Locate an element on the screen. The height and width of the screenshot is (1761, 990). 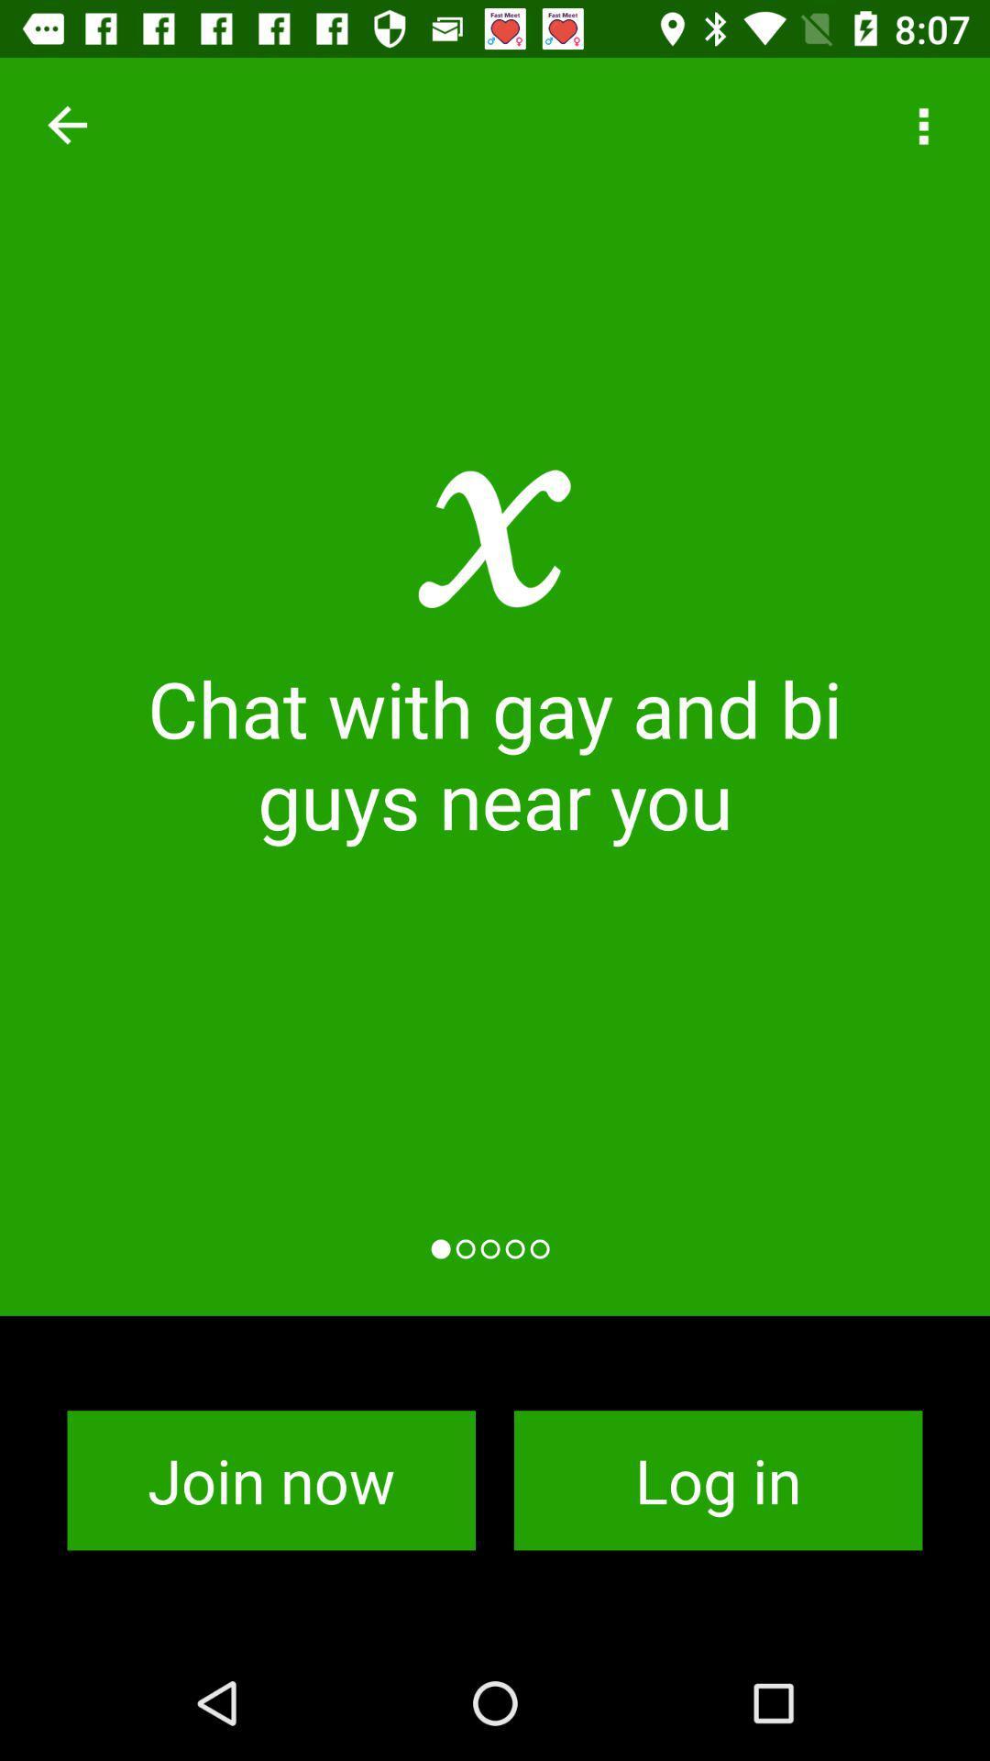
the join now is located at coordinates (271, 1480).